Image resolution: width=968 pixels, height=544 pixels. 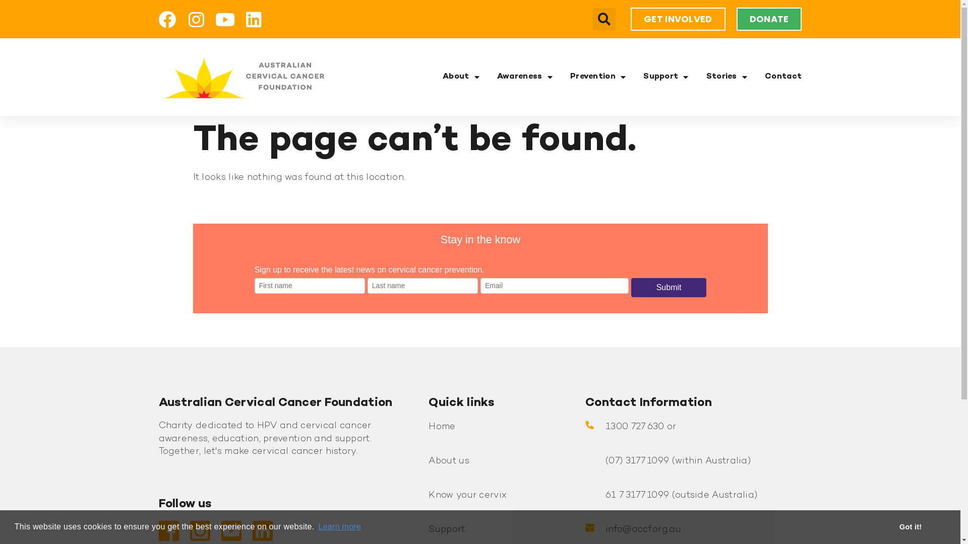 What do you see at coordinates (240, 77) in the screenshot?
I see `'Group 78'` at bounding box center [240, 77].